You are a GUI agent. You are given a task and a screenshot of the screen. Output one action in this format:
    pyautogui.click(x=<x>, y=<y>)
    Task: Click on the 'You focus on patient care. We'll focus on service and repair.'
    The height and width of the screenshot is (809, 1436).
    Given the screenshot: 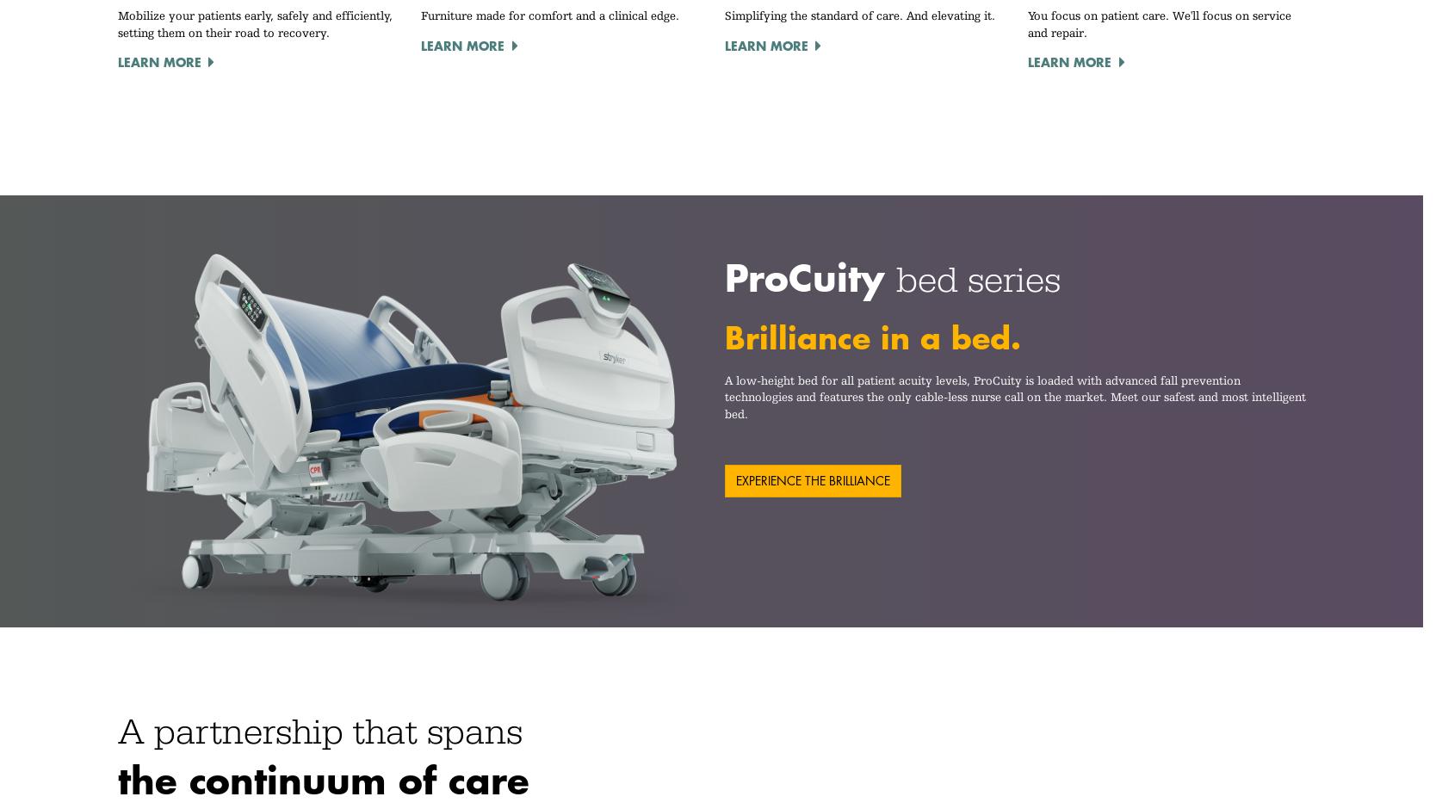 What is the action you would take?
    pyautogui.click(x=1159, y=23)
    